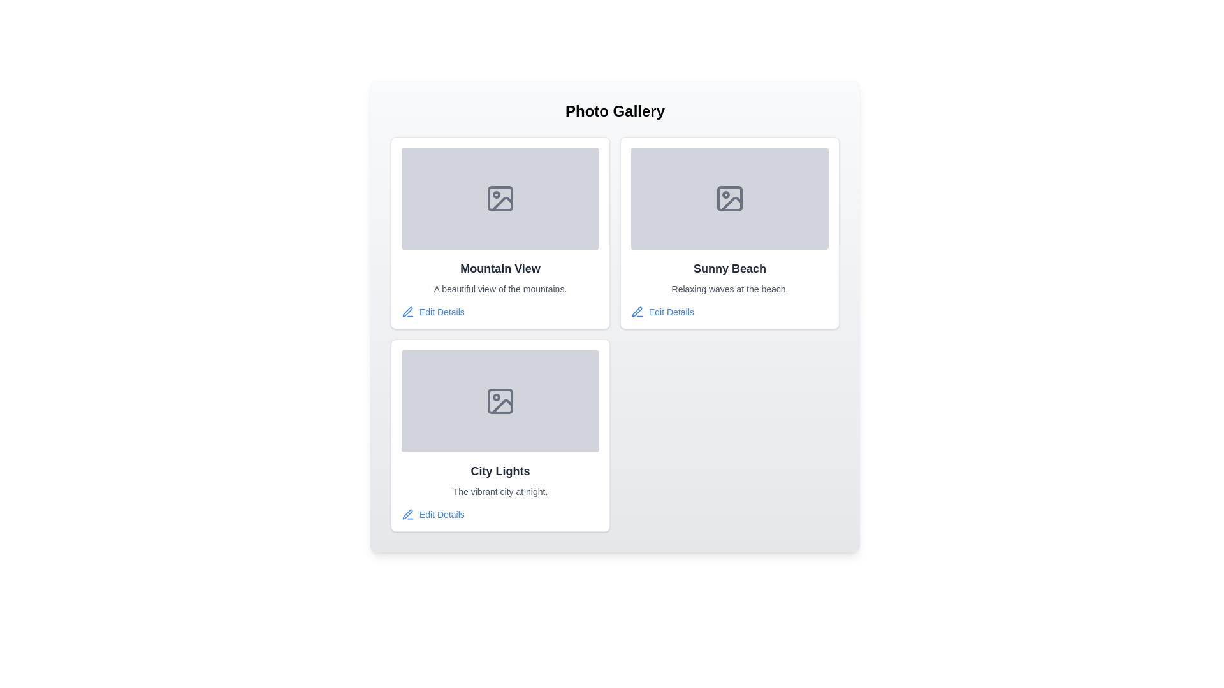  I want to click on the 'Edit Details' button for the gallery item titled 'City Lights', so click(432, 513).